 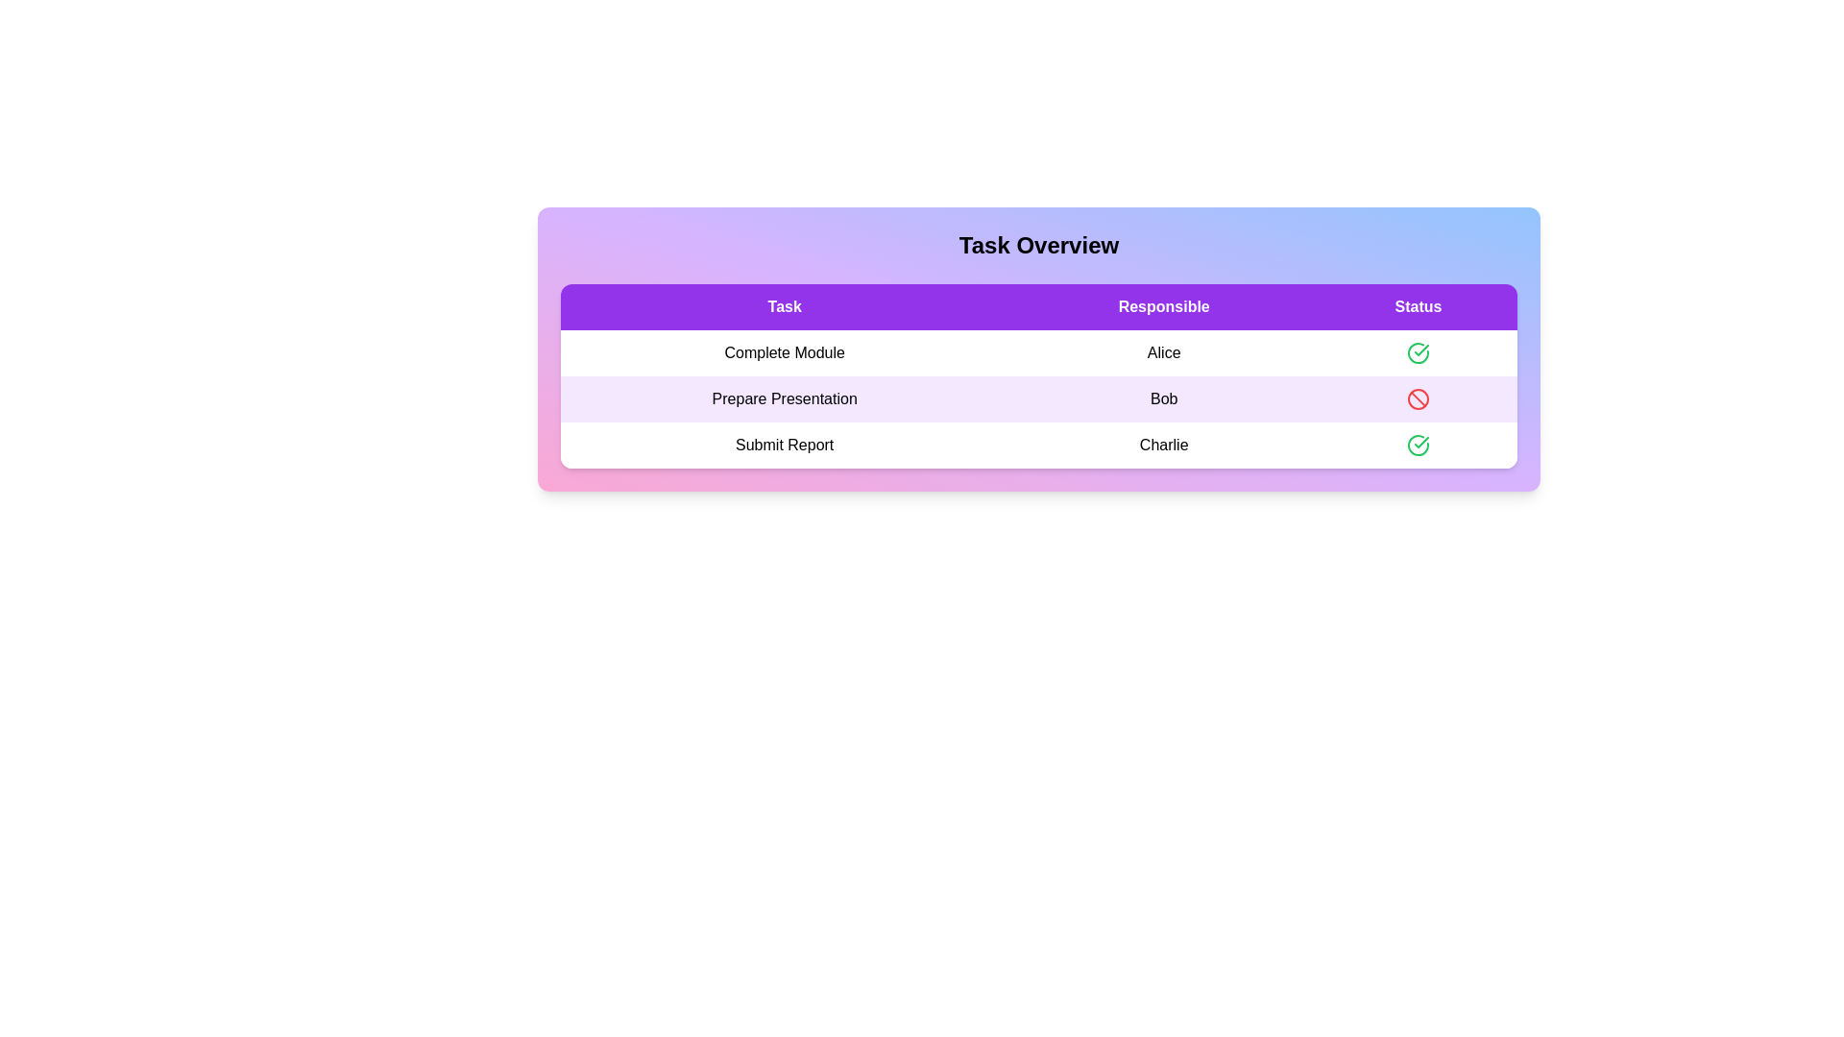 What do you see at coordinates (1419, 398) in the screenshot?
I see `the red prohibition icon located in the 'Status' column of the 'Prepare Presentation' row to interact with it` at bounding box center [1419, 398].